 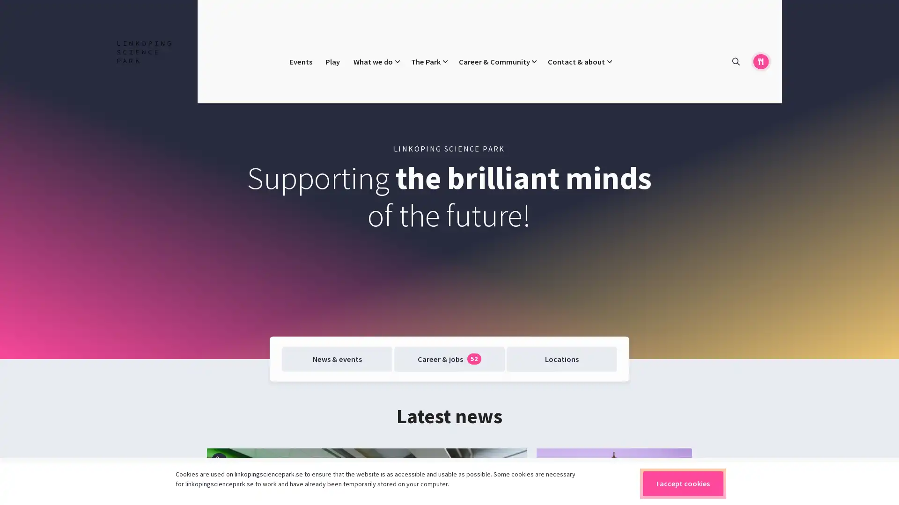 What do you see at coordinates (337, 358) in the screenshot?
I see `News & events` at bounding box center [337, 358].